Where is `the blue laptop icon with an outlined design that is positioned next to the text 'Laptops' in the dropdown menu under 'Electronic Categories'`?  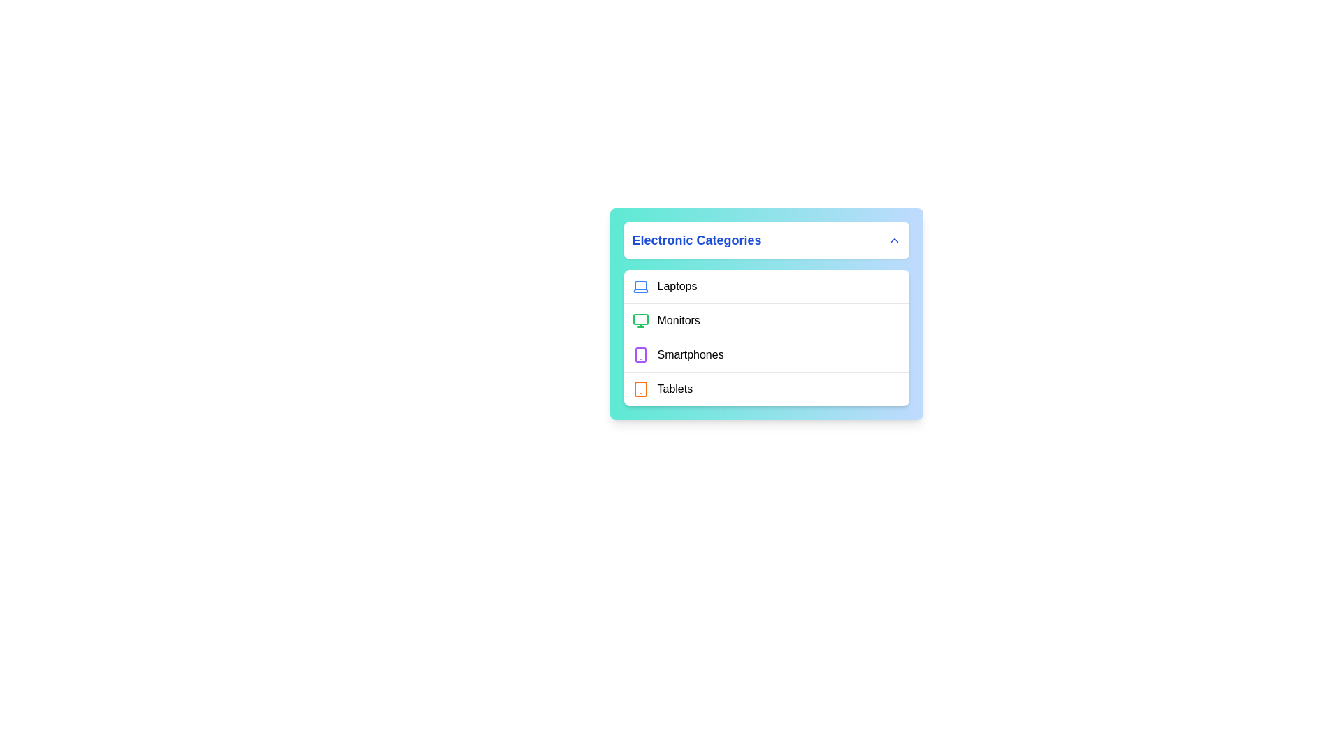
the blue laptop icon with an outlined design that is positioned next to the text 'Laptops' in the dropdown menu under 'Electronic Categories' is located at coordinates (640, 285).